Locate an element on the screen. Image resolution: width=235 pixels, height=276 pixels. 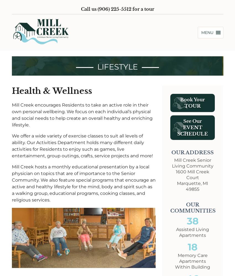
'Call us (906) 225-5512 for a tour' is located at coordinates (117, 9).